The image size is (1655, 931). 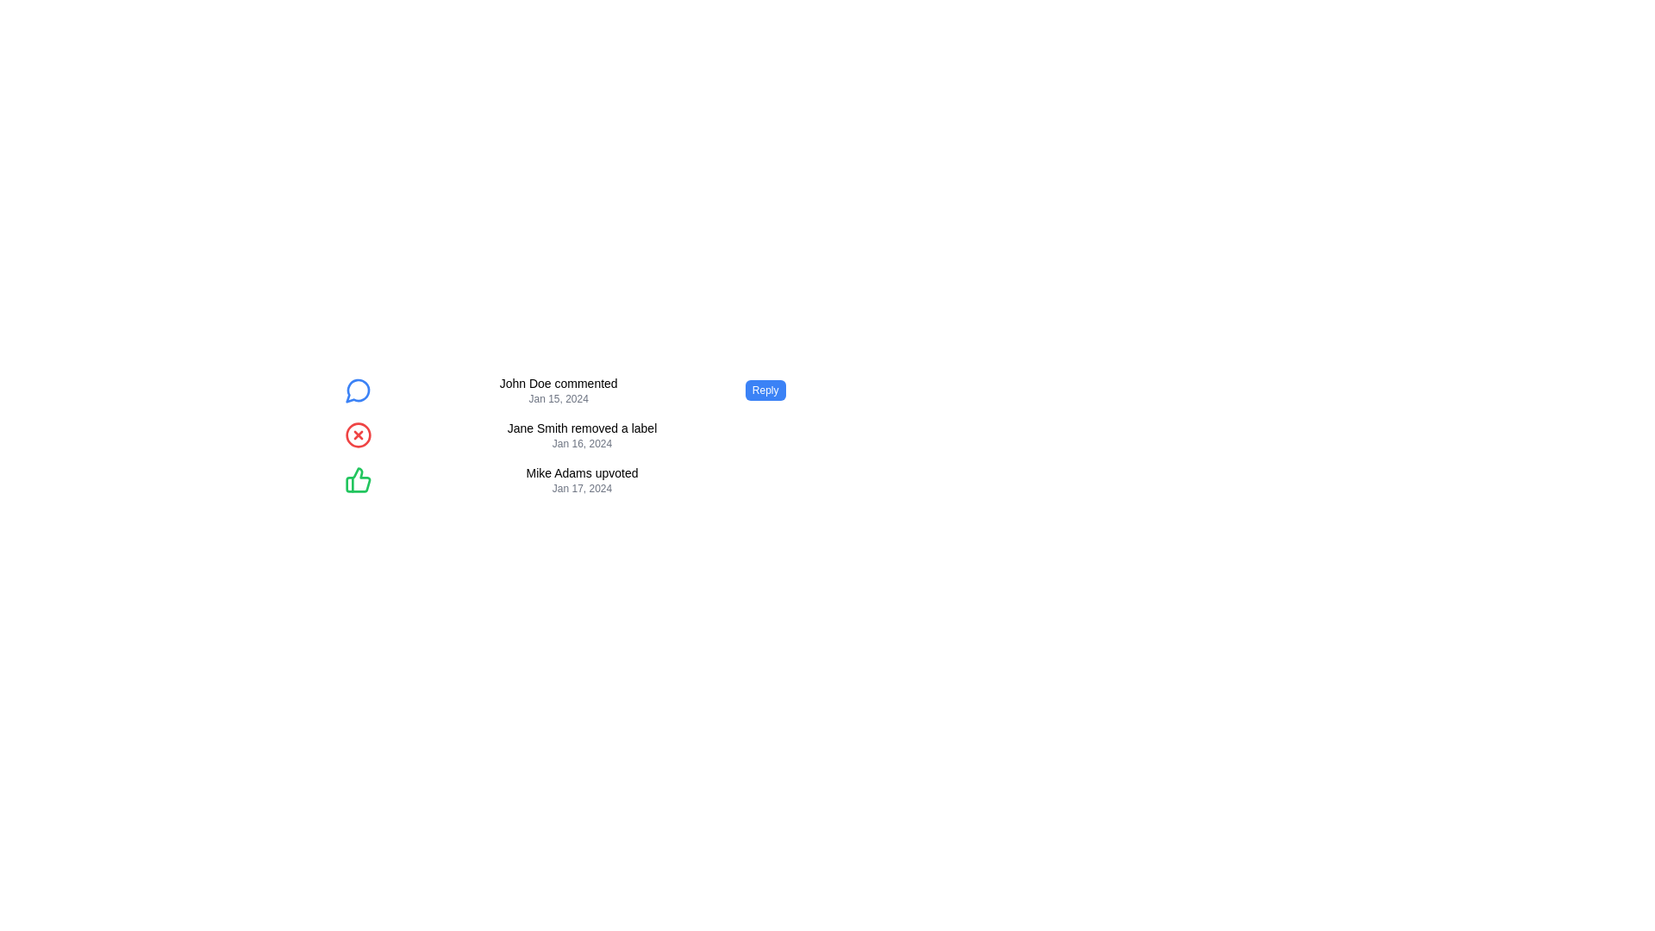 What do you see at coordinates (582, 489) in the screenshot?
I see `the static text label displaying the date associated with the activity 'Mike Adams upvoted', located directly below the corresponding action text` at bounding box center [582, 489].